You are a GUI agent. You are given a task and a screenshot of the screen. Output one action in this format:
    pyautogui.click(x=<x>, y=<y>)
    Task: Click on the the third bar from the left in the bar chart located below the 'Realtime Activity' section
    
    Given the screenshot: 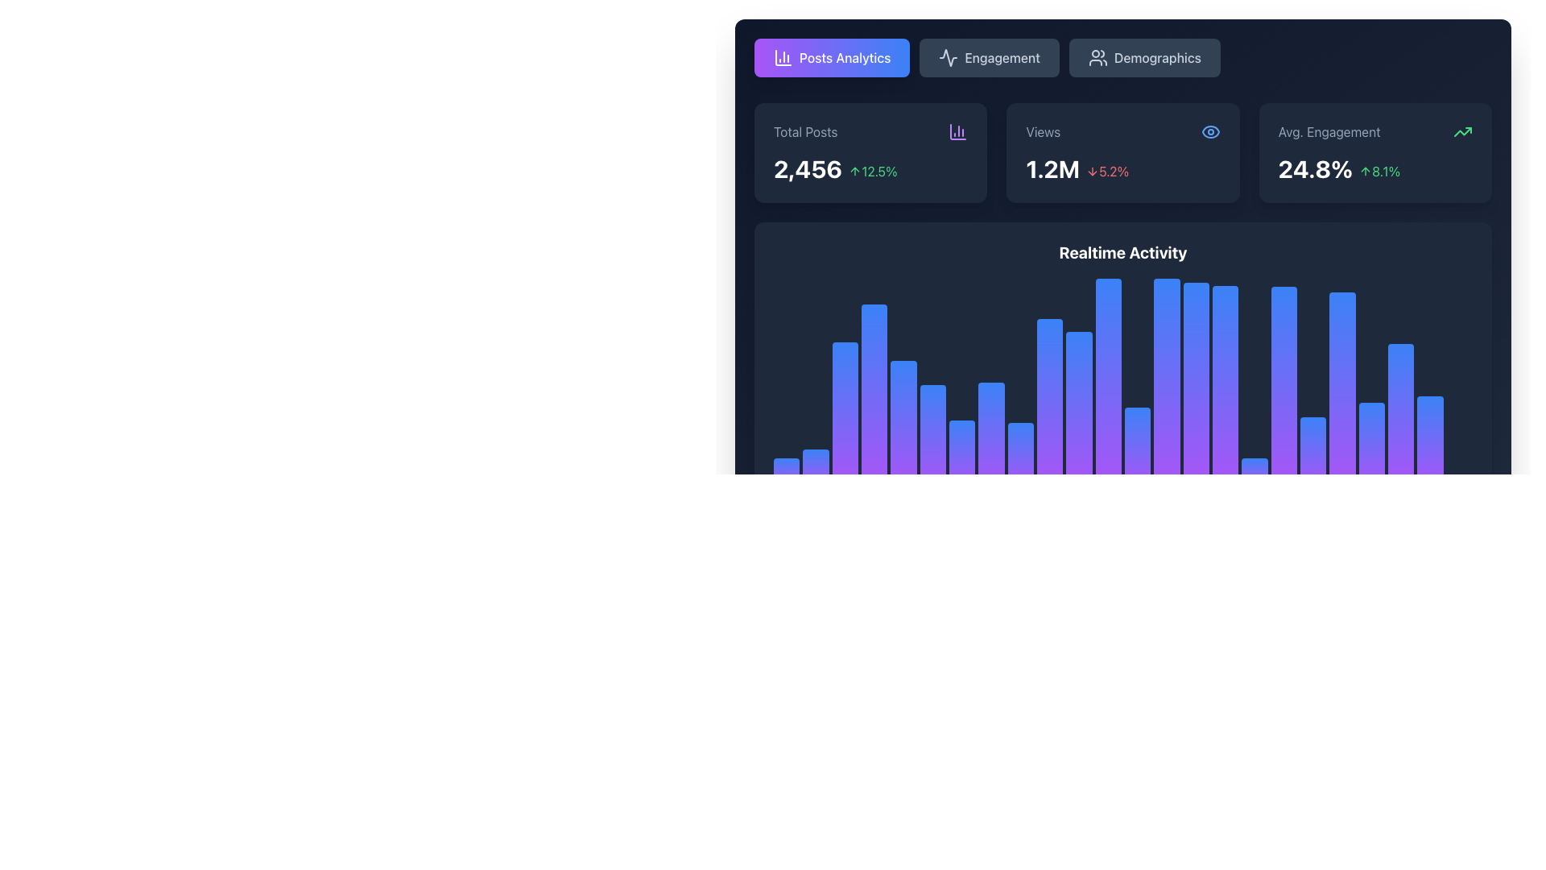 What is the action you would take?
    pyautogui.click(x=844, y=390)
    